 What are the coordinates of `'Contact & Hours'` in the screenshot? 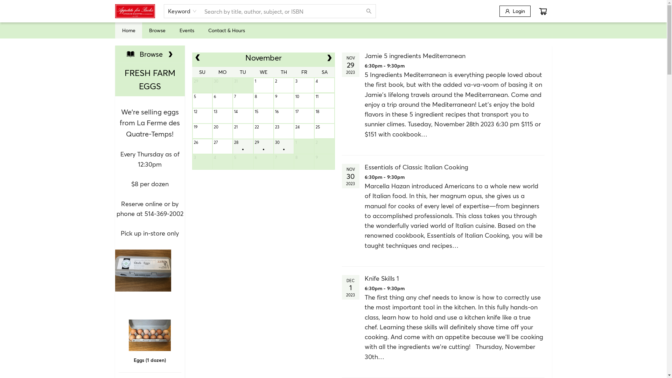 It's located at (226, 30).